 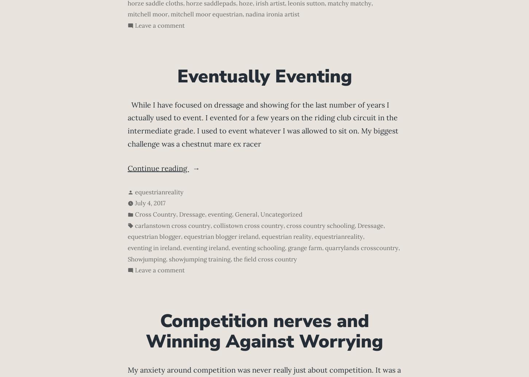 What do you see at coordinates (246, 214) in the screenshot?
I see `'General'` at bounding box center [246, 214].